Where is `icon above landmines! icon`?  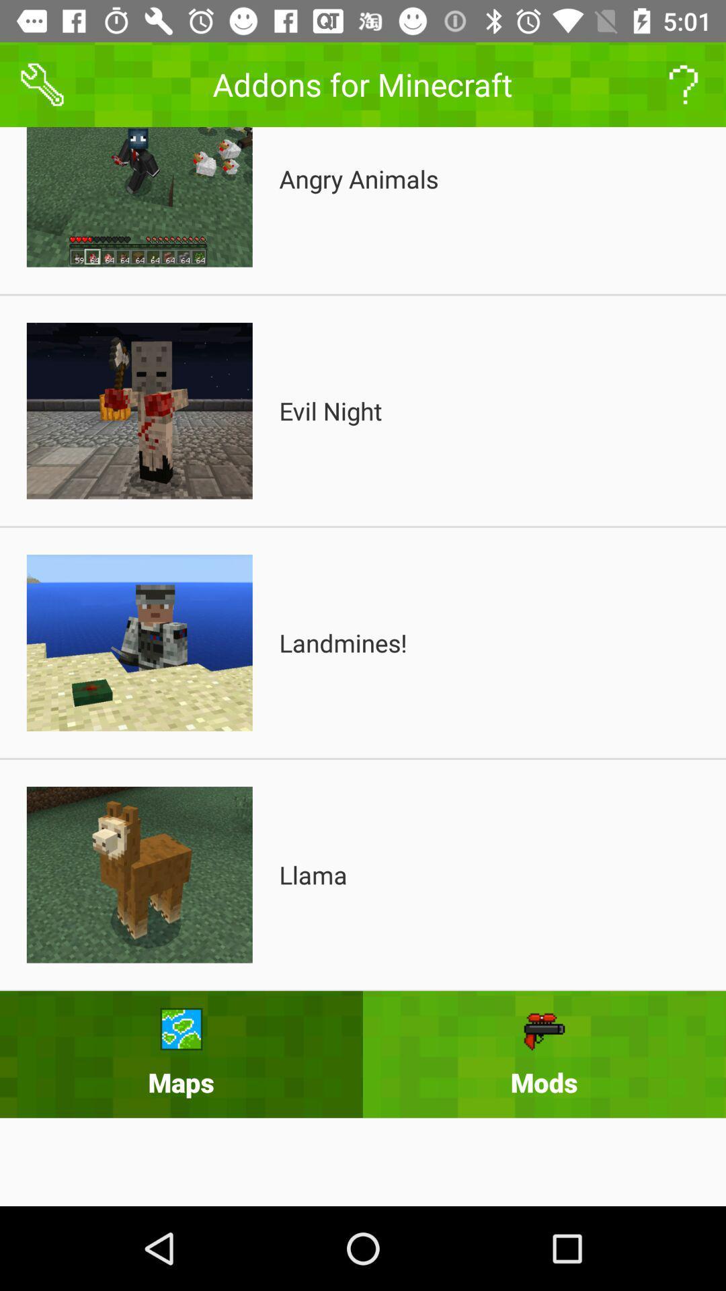
icon above landmines! icon is located at coordinates (331, 410).